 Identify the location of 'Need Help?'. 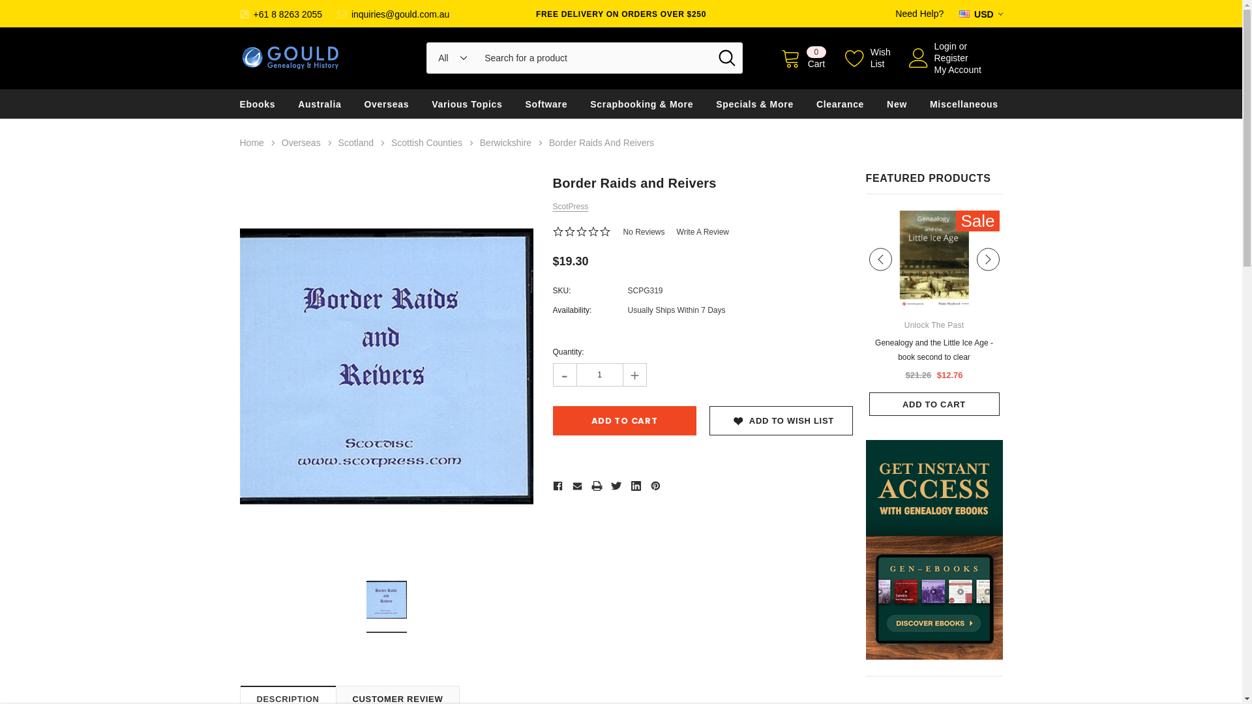
(919, 13).